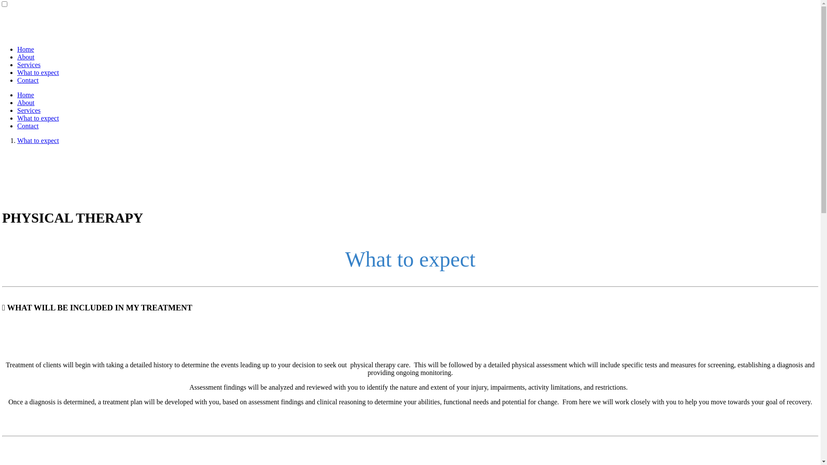  What do you see at coordinates (17, 95) in the screenshot?
I see `'Home'` at bounding box center [17, 95].